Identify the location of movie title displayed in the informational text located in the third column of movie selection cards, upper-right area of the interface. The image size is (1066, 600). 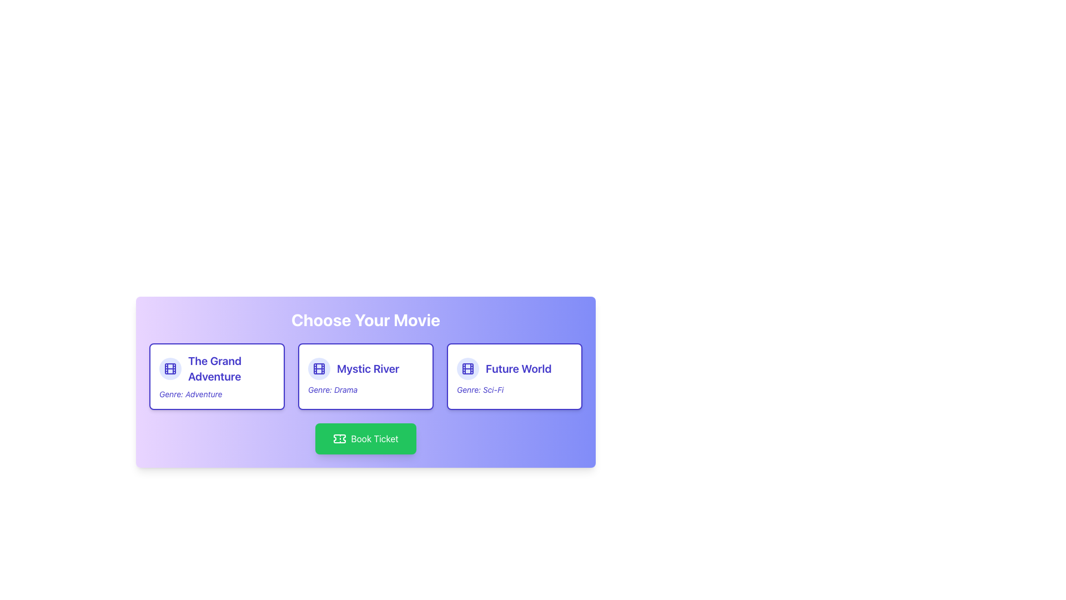
(514, 368).